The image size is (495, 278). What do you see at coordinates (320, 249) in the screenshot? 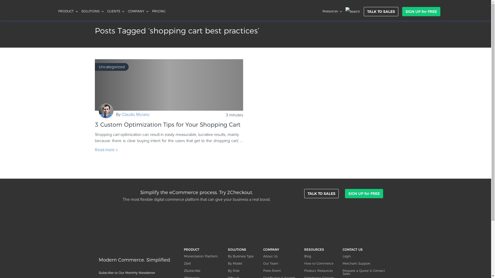
I see `'RESOURCES'` at bounding box center [320, 249].